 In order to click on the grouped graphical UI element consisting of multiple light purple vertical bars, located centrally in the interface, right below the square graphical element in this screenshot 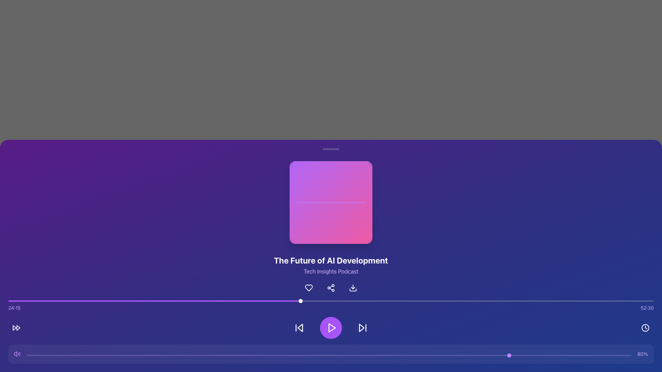, I will do `click(331, 202)`.